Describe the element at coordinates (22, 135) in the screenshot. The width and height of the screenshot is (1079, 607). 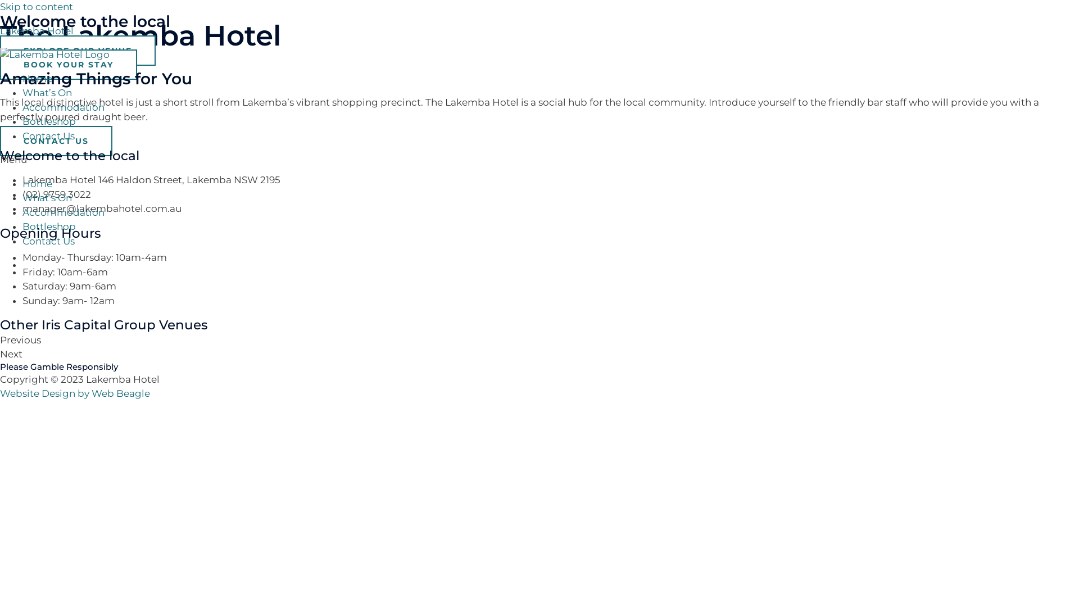
I see `'Contact Us'` at that location.